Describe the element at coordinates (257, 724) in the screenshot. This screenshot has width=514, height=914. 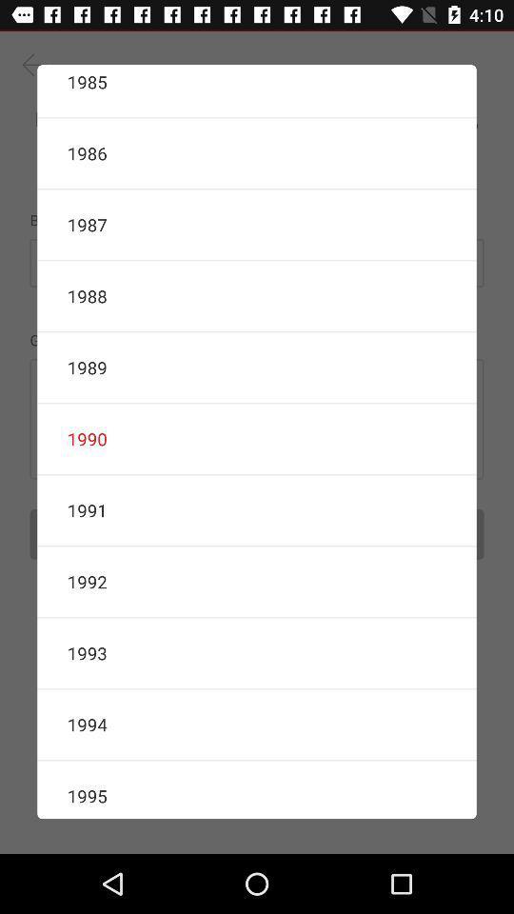
I see `the icon below 1993 item` at that location.